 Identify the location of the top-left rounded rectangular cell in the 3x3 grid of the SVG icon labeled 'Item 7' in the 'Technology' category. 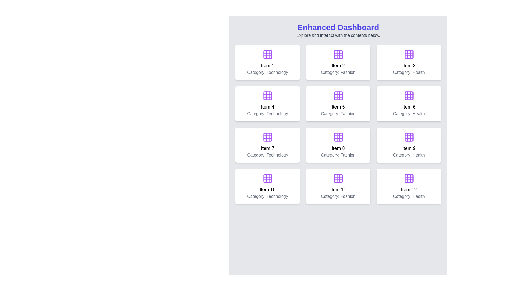
(267, 137).